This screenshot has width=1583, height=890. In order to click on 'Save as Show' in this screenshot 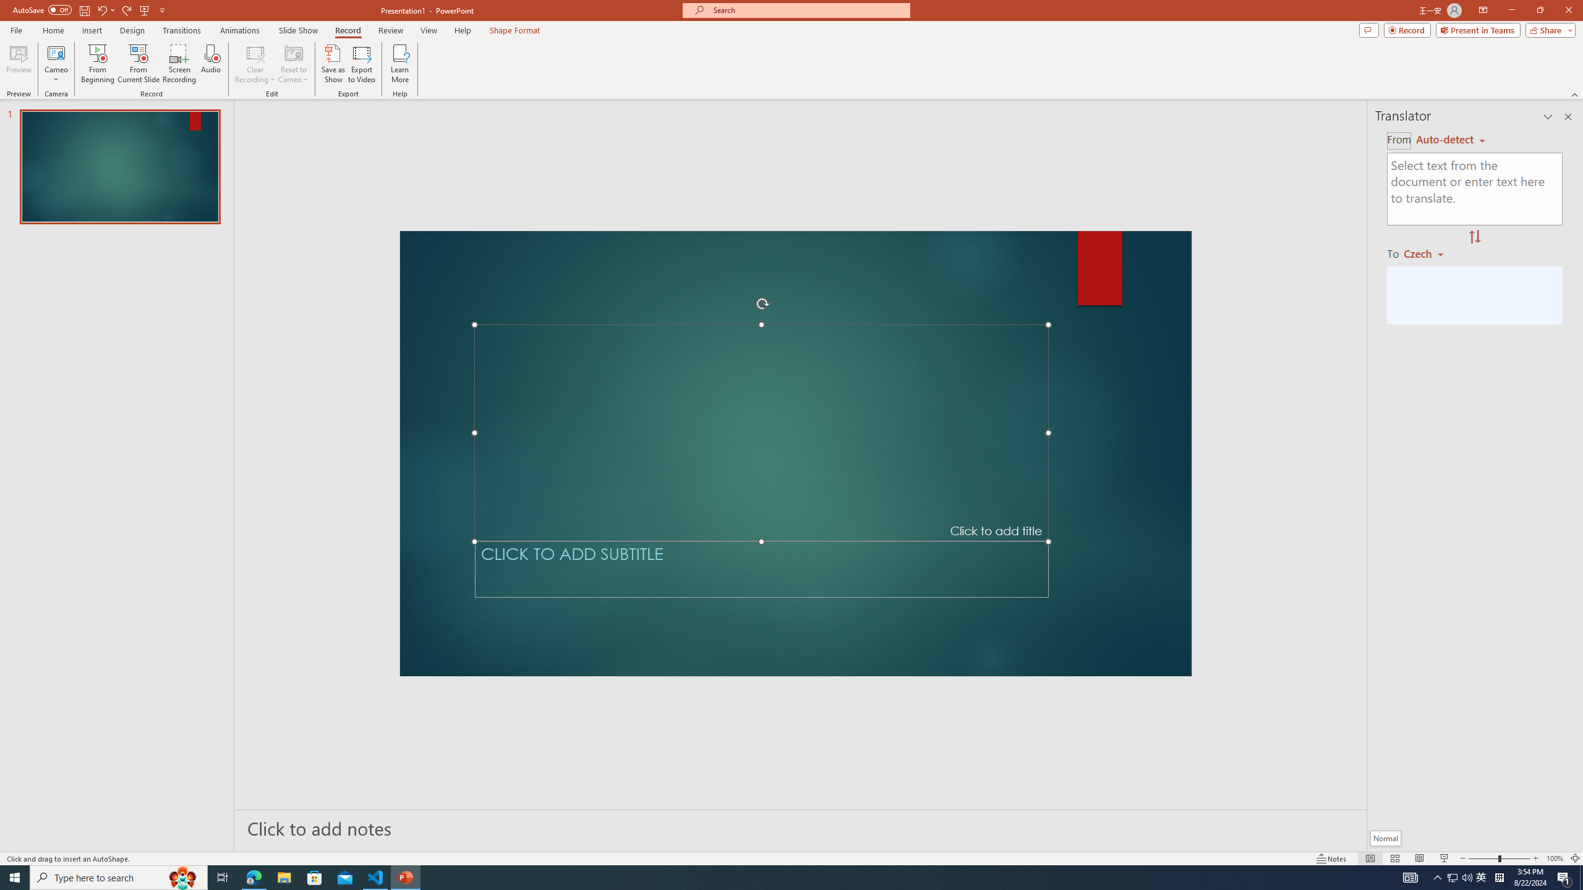, I will do `click(333, 64)`.